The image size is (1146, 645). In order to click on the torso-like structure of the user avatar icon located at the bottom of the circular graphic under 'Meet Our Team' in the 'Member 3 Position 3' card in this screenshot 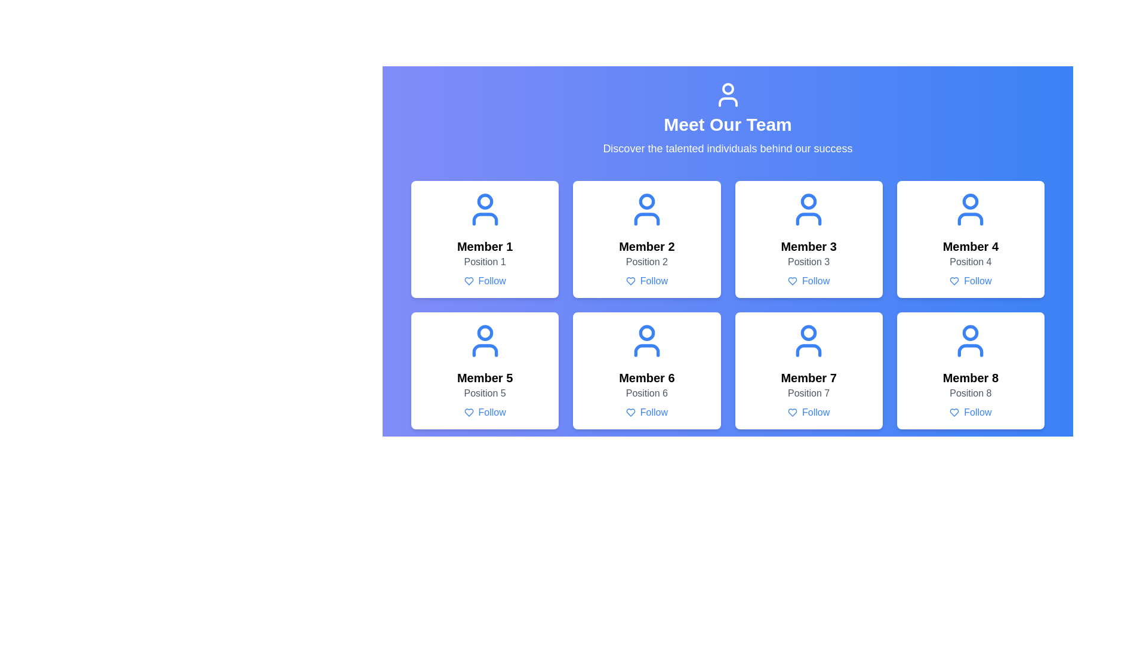, I will do `click(809, 219)`.